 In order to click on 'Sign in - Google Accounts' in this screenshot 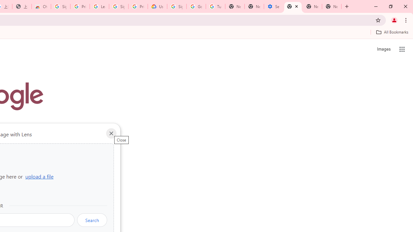, I will do `click(177, 6)`.